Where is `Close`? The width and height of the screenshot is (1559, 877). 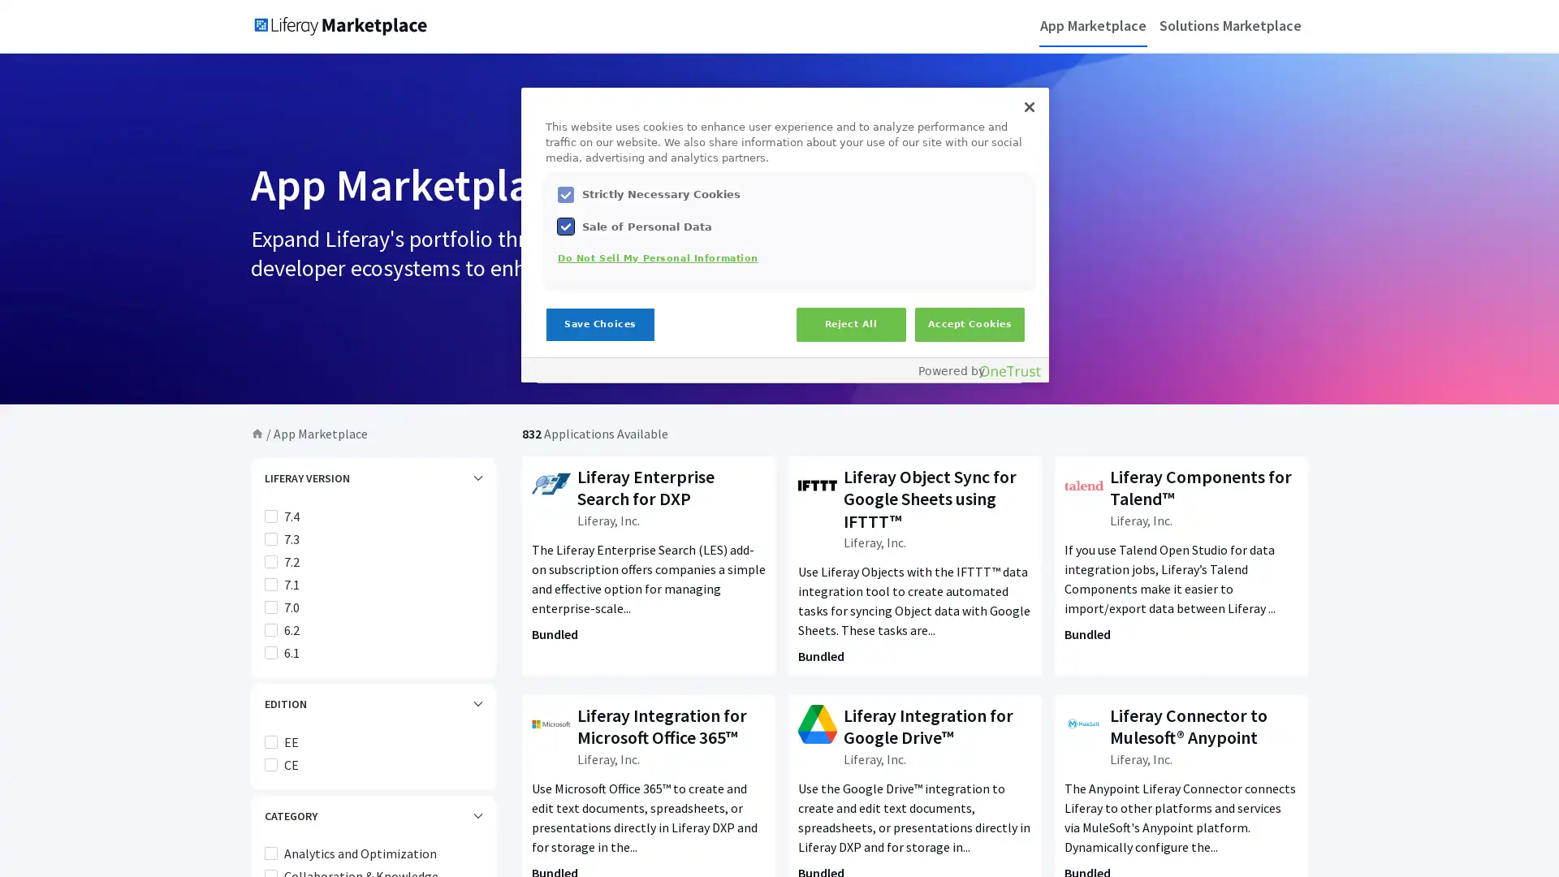
Close is located at coordinates (1028, 106).